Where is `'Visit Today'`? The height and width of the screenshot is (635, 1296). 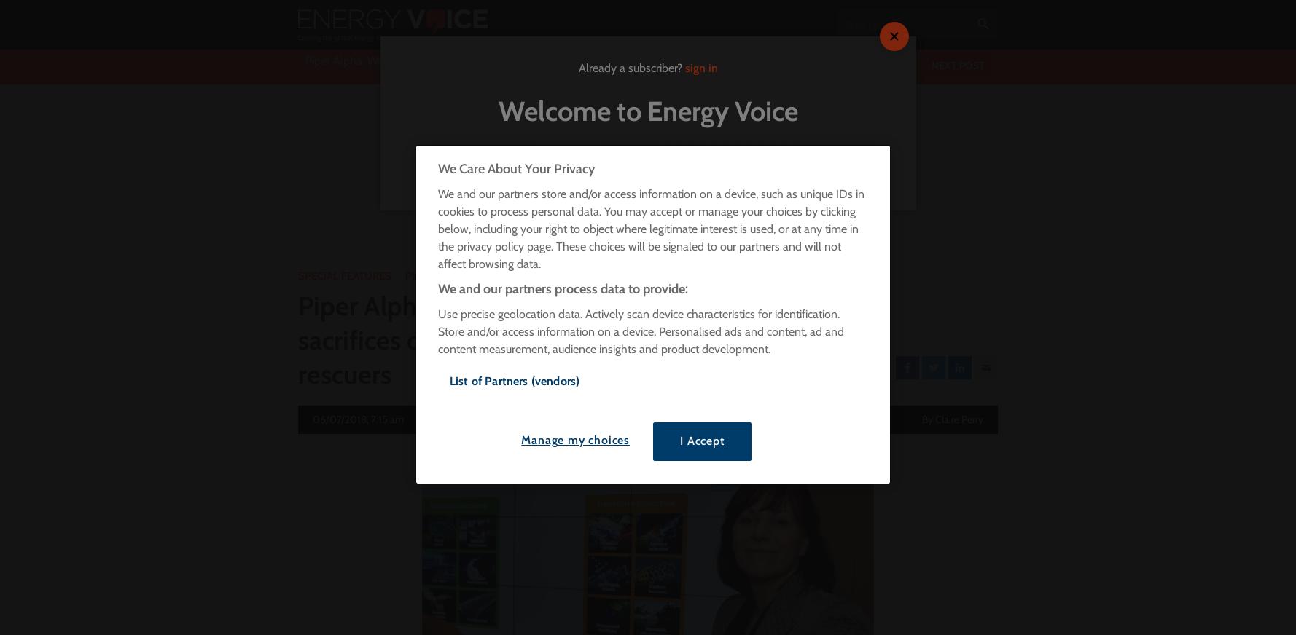 'Visit Today' is located at coordinates (833, 138).